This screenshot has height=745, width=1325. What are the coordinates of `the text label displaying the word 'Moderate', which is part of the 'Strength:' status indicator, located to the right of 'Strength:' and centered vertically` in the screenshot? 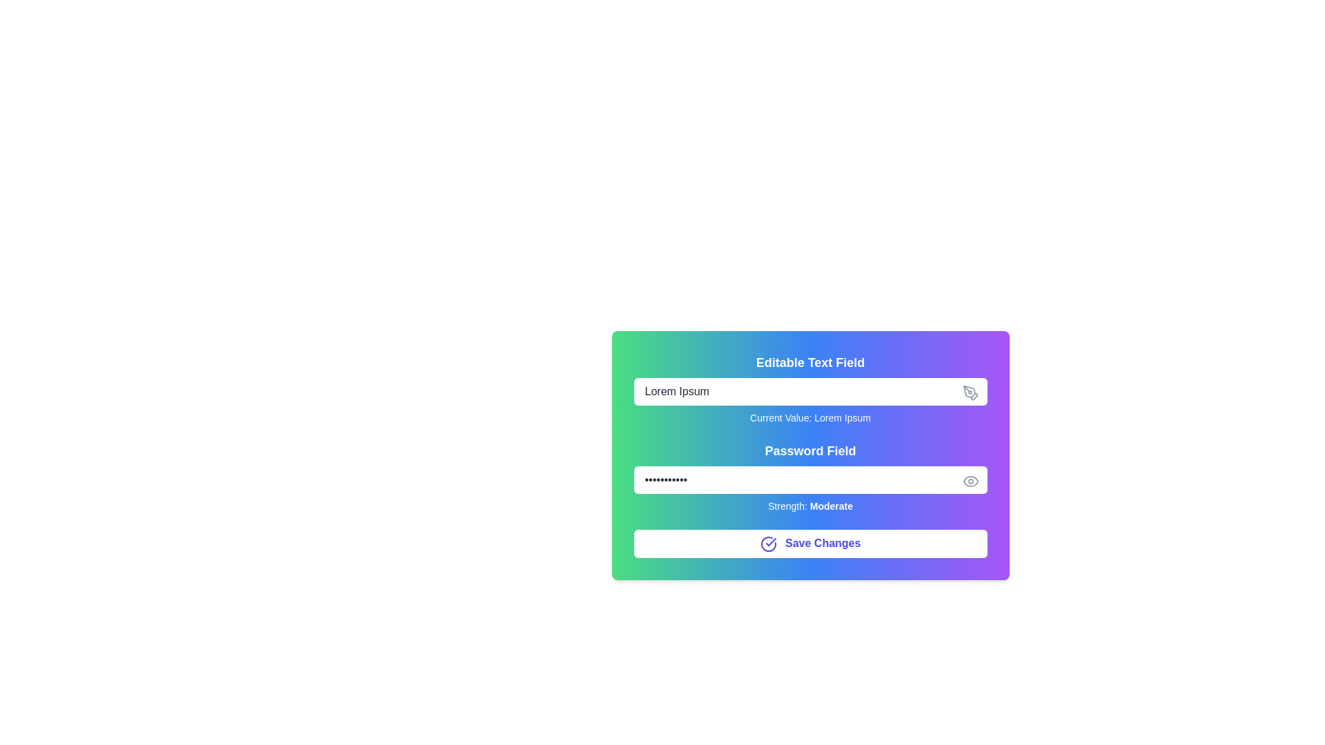 It's located at (830, 506).